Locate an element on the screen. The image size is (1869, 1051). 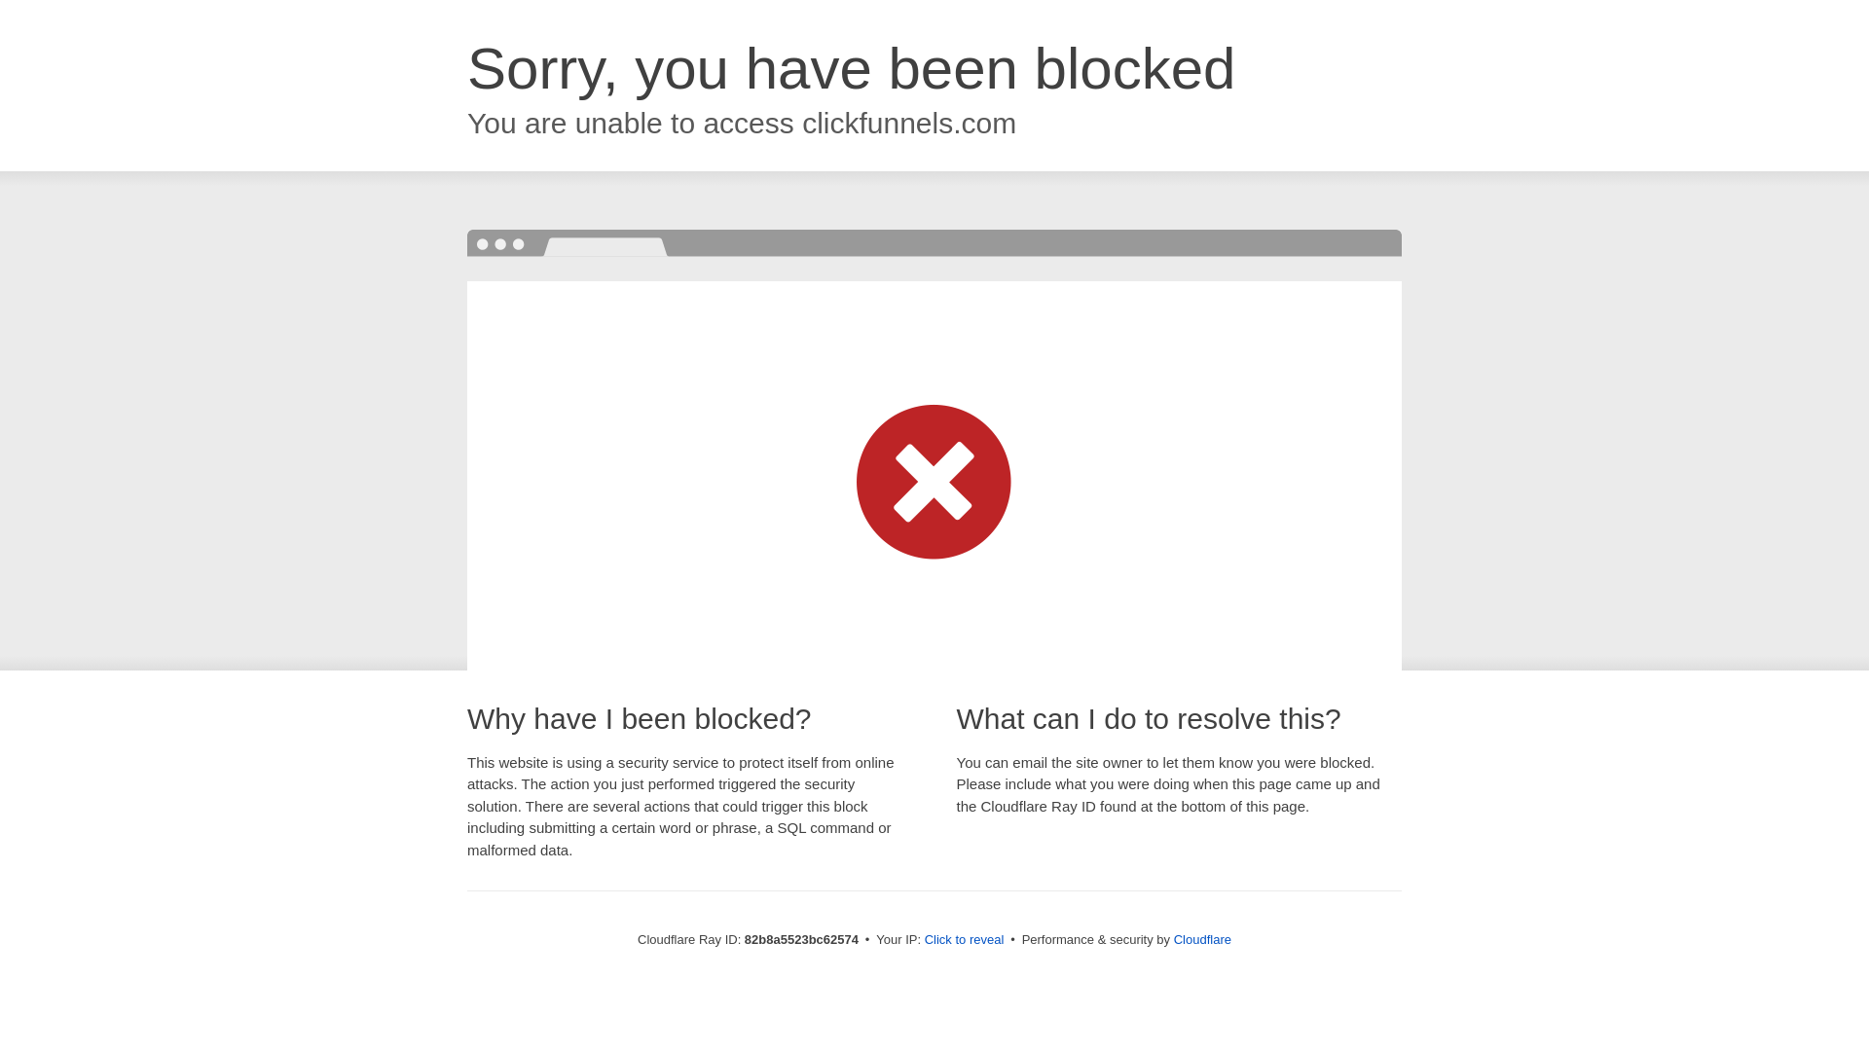
'Cloudflare' is located at coordinates (1172, 938).